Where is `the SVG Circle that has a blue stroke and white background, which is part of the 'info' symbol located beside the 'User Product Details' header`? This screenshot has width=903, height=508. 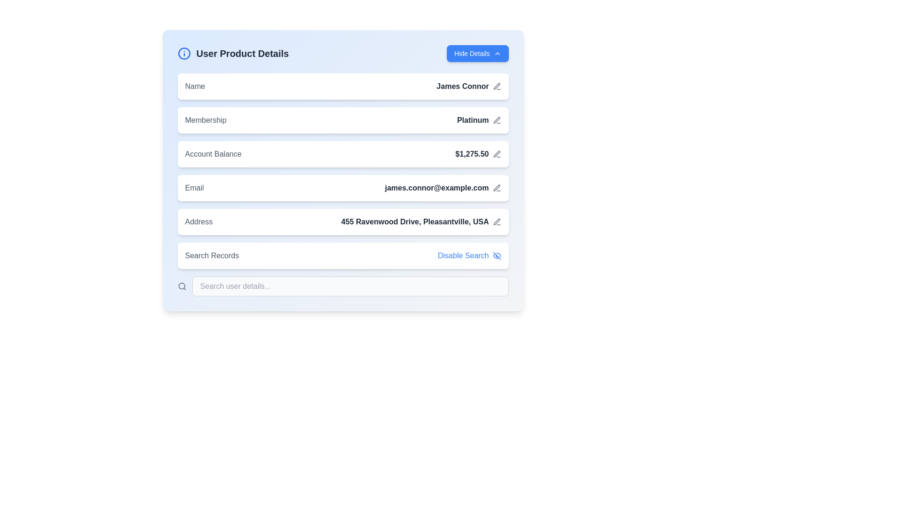 the SVG Circle that has a blue stroke and white background, which is part of the 'info' symbol located beside the 'User Product Details' header is located at coordinates (184, 54).